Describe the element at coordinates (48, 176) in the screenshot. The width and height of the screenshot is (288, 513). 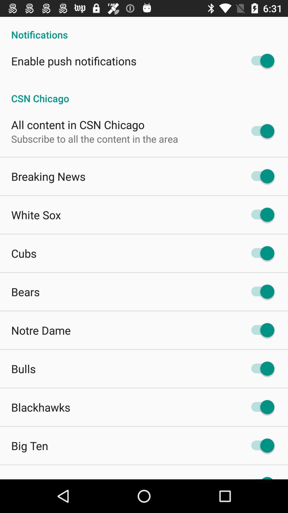
I see `app below subscribe to all icon` at that location.